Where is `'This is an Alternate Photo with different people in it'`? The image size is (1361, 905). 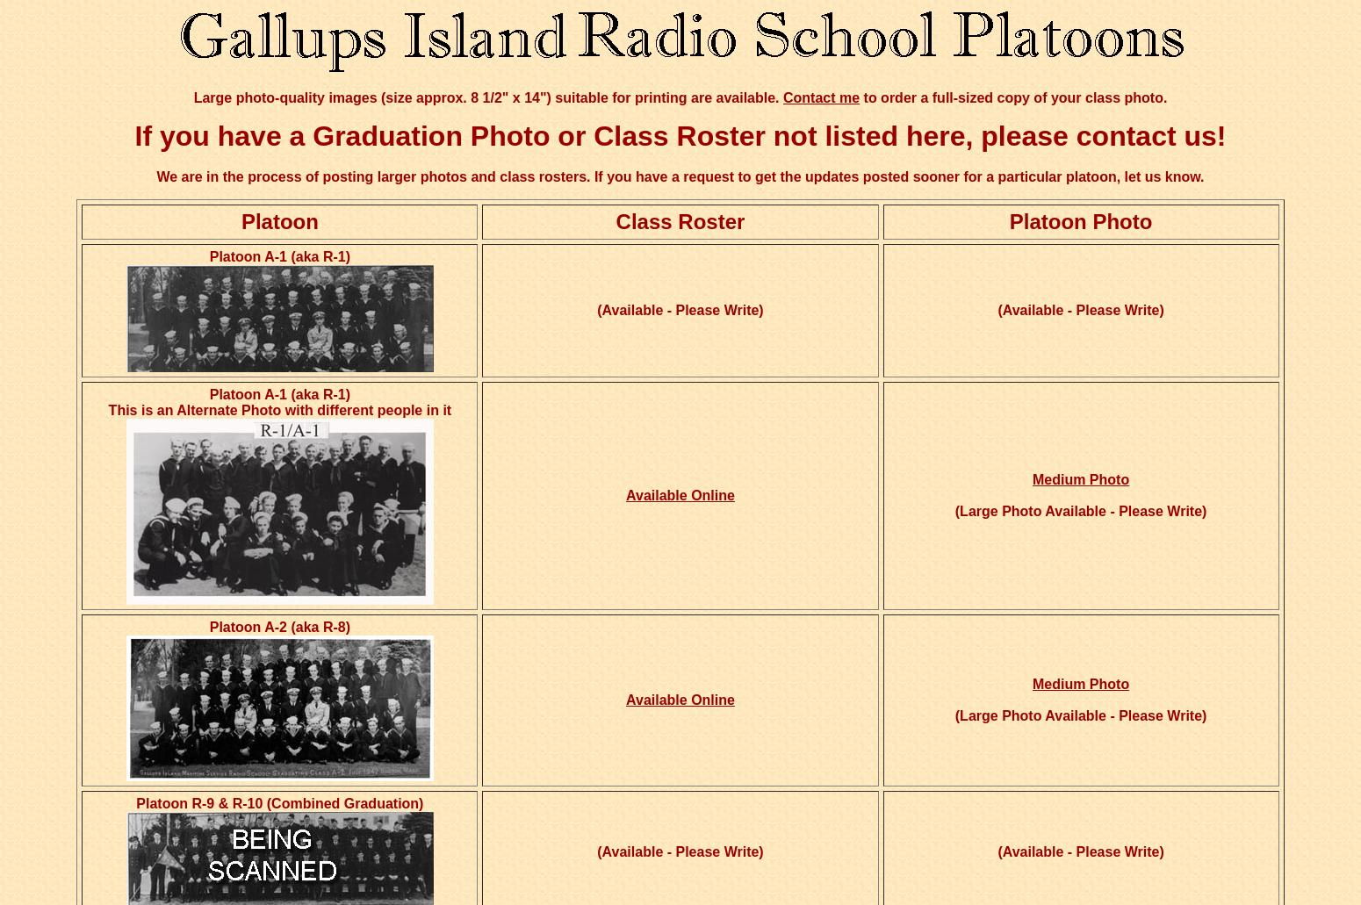 'This is an Alternate Photo with different people in it' is located at coordinates (278, 410).